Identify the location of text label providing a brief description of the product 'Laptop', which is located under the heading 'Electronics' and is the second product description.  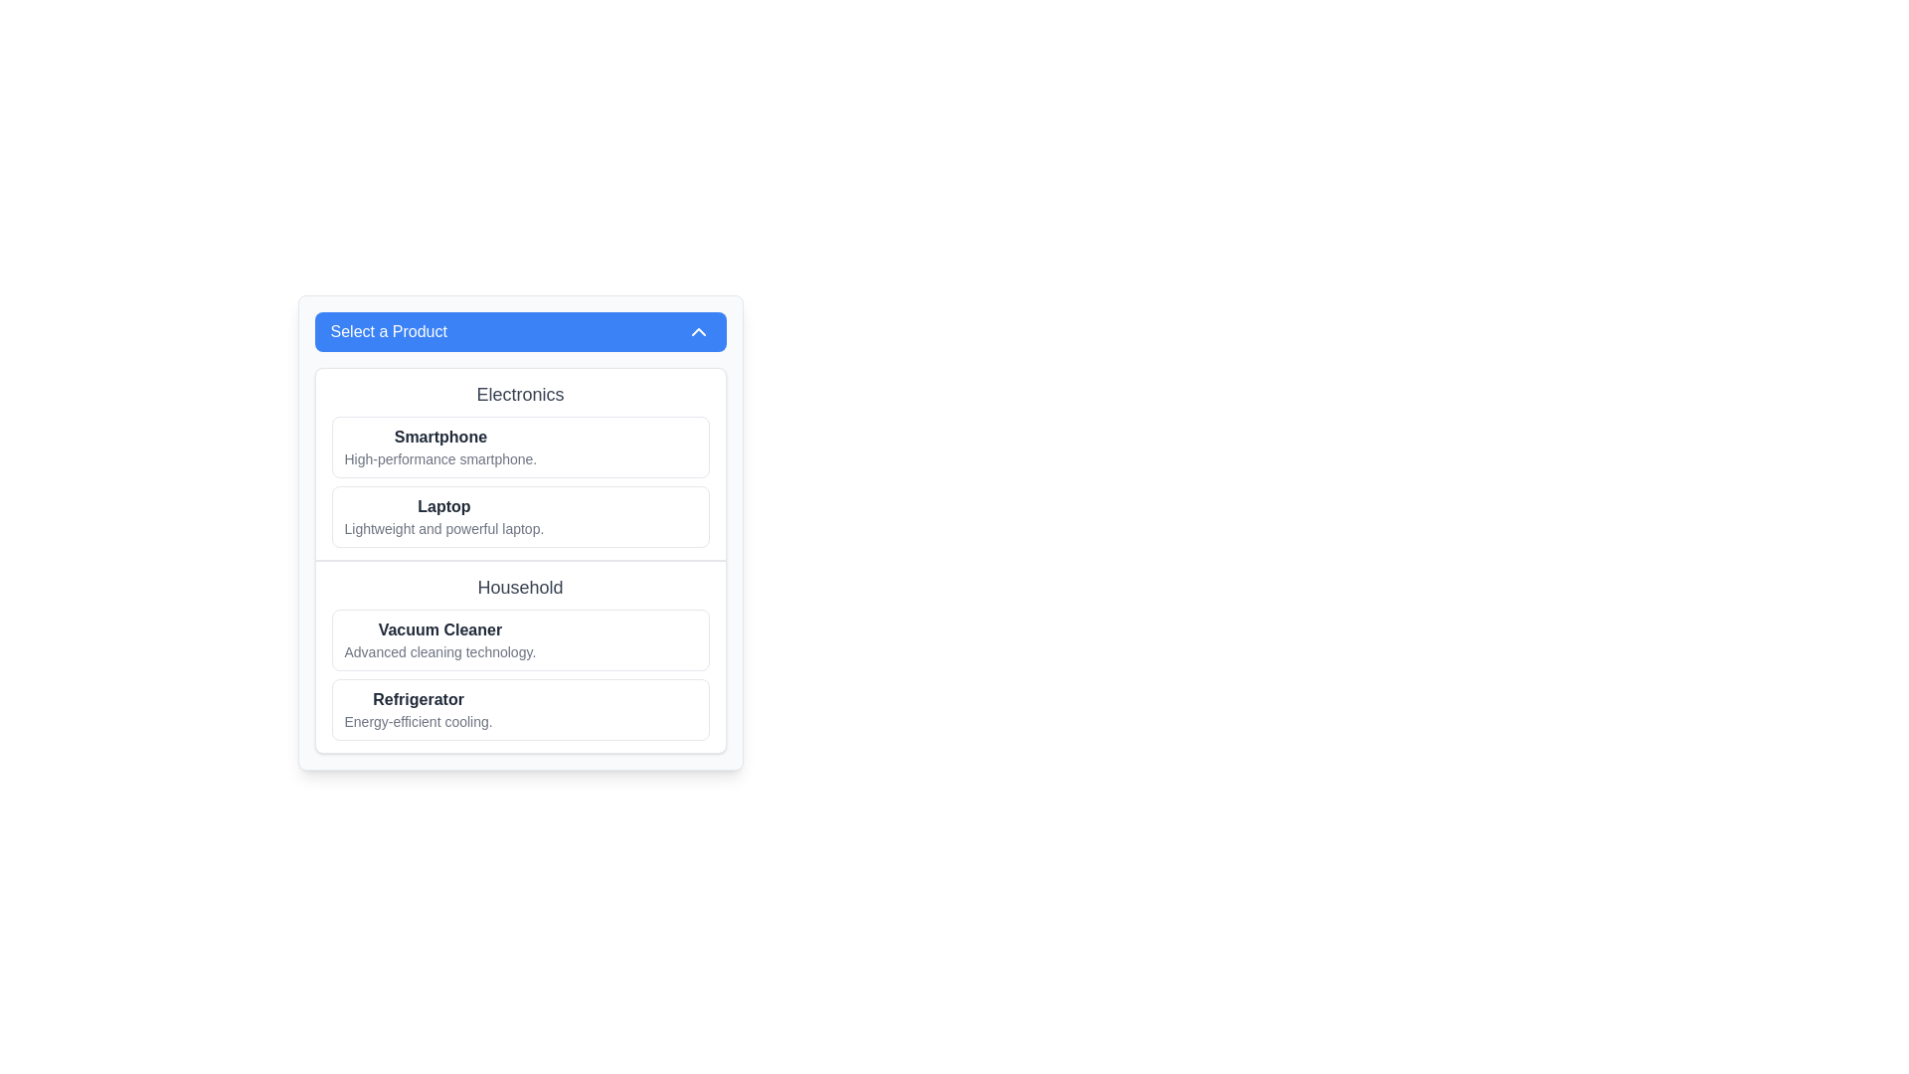
(442, 528).